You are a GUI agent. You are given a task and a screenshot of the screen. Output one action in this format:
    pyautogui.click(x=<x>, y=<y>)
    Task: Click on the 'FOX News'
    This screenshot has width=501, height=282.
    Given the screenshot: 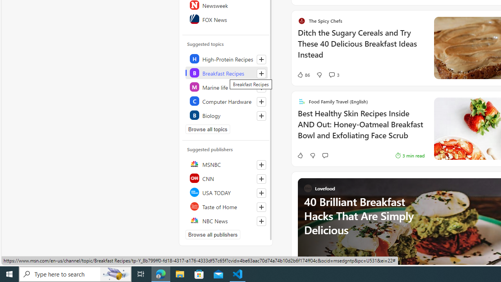 What is the action you would take?
    pyautogui.click(x=226, y=18)
    